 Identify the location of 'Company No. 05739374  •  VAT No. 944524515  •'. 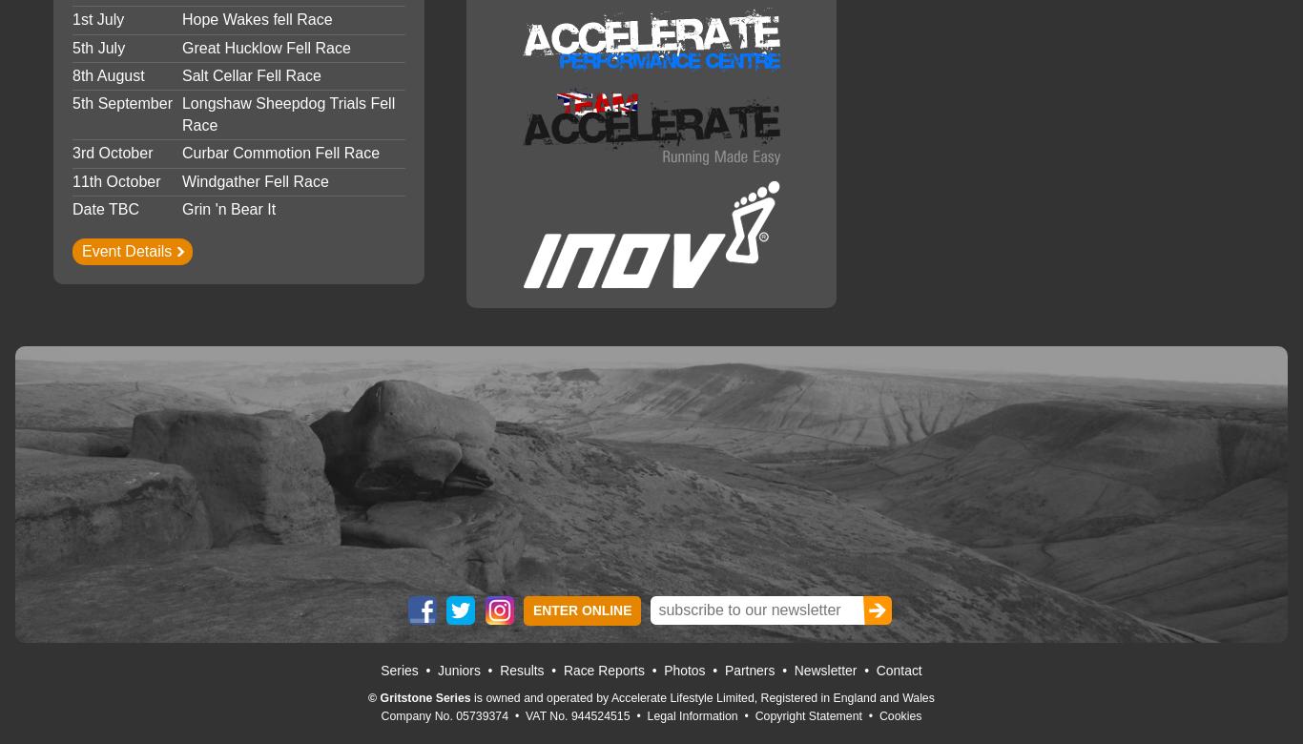
(513, 714).